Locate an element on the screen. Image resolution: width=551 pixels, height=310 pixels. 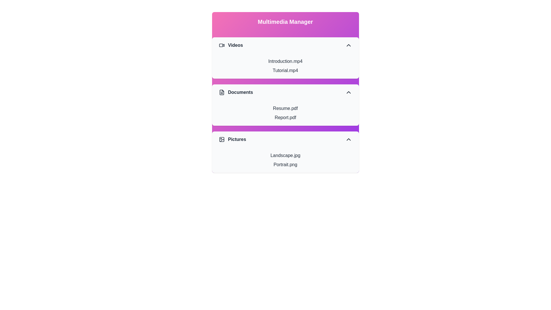
the item Portrait.png within the section Pictures is located at coordinates (285, 165).